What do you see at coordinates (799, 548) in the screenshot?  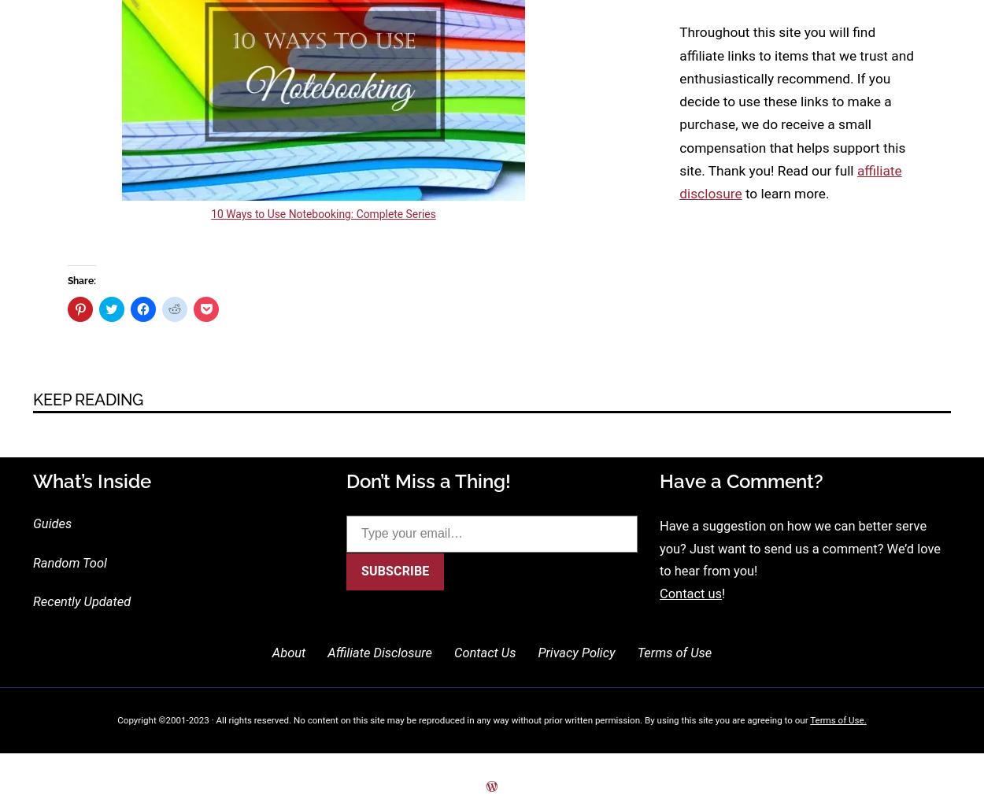 I see `'Have a suggestion on how we can better serve you? Just want to send us a comment? We’d love to hear from you!'` at bounding box center [799, 548].